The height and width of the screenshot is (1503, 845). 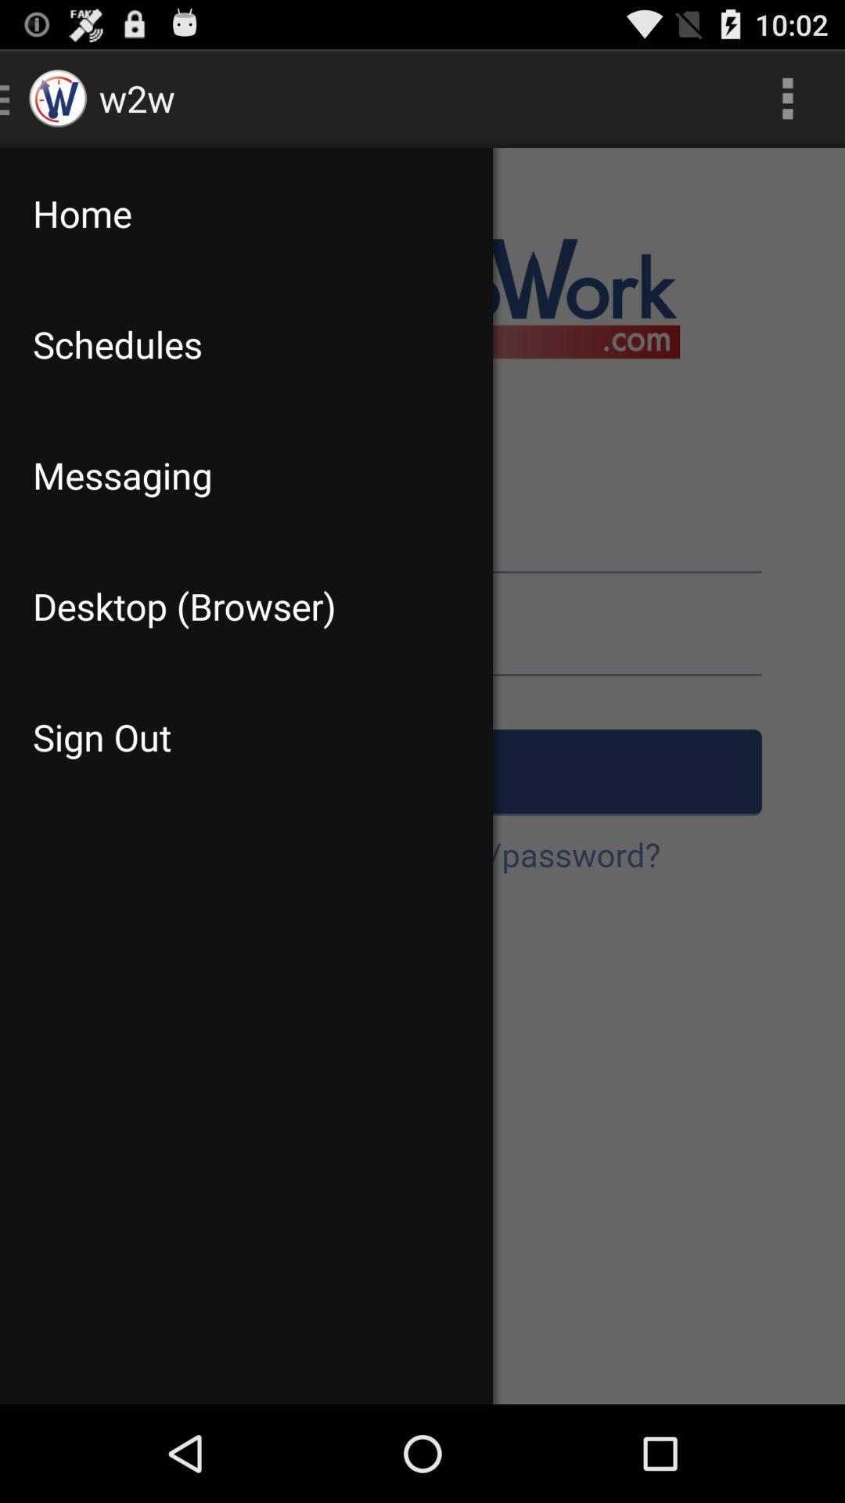 What do you see at coordinates (246, 605) in the screenshot?
I see `the desktop (browser) item` at bounding box center [246, 605].